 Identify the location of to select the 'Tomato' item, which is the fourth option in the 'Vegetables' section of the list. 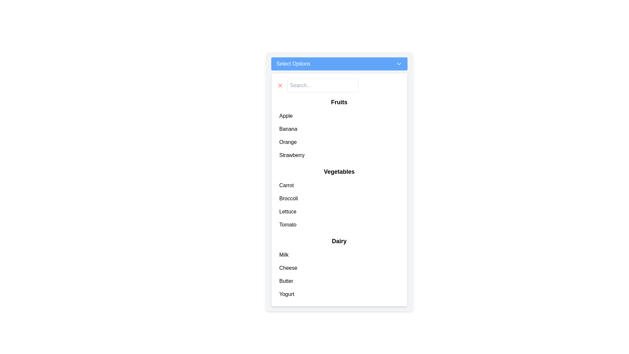
(339, 225).